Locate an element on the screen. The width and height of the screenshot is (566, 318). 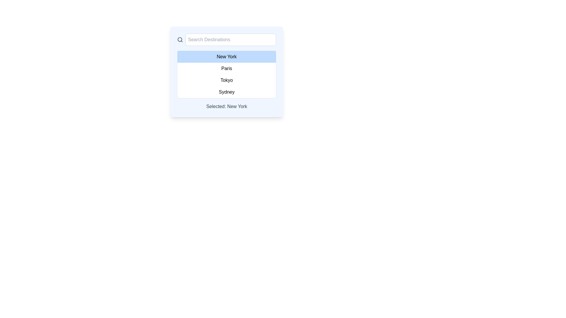
the text input box of the Search bar with the placeholder text 'Search Destinations' is located at coordinates (226, 40).